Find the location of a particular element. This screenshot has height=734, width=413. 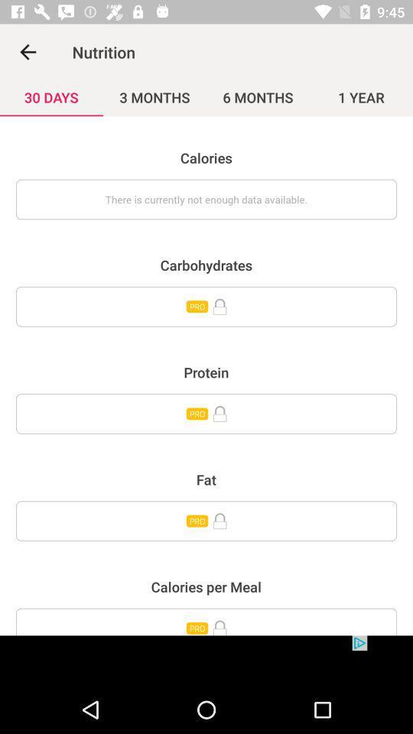

the icon below the calories per meal item is located at coordinates (206, 622).